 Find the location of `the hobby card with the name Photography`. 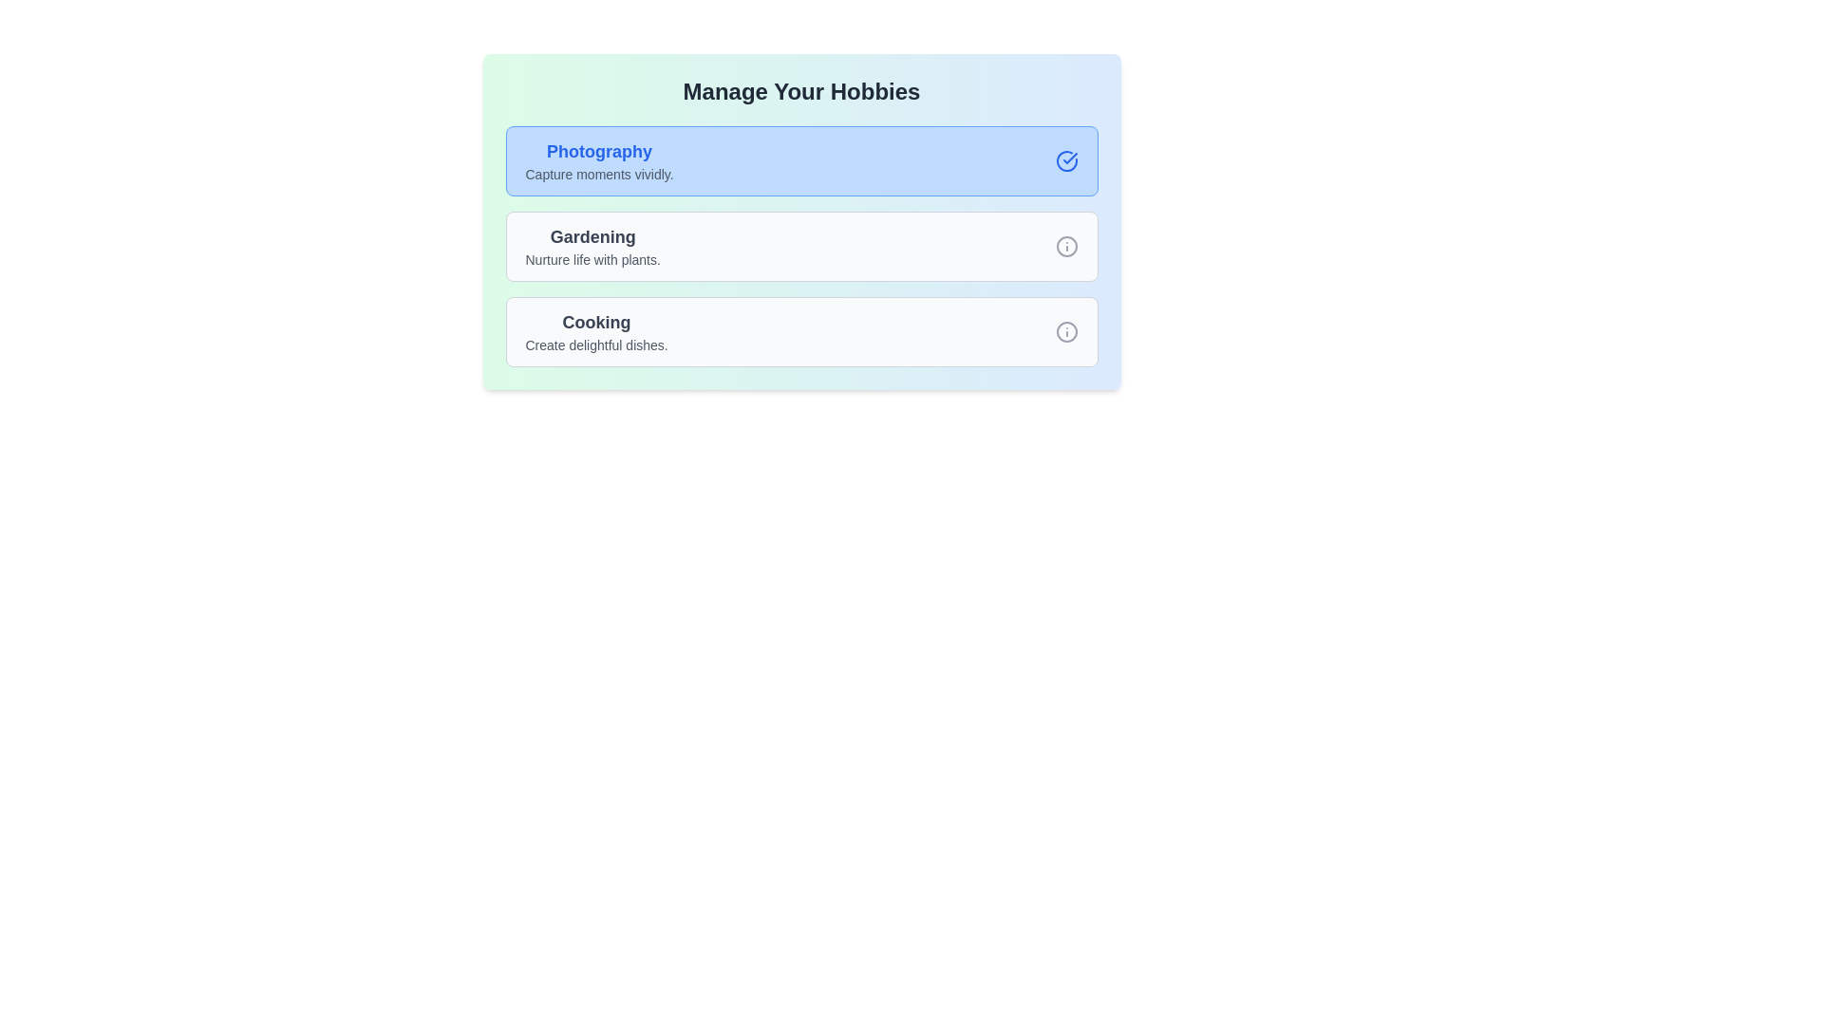

the hobby card with the name Photography is located at coordinates (801, 159).